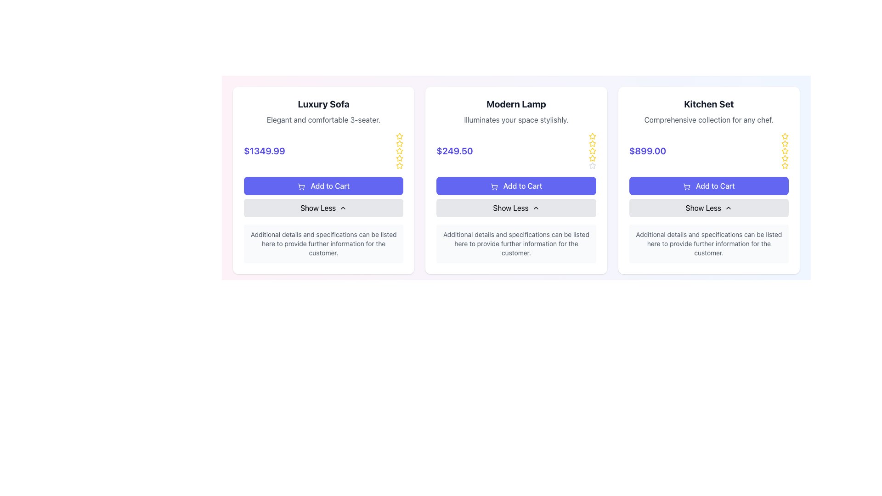 Image resolution: width=882 pixels, height=496 pixels. I want to click on price text displayed in the Text Label located below the title 'Luxury Sofa' in the leftmost card of the group, so click(264, 150).